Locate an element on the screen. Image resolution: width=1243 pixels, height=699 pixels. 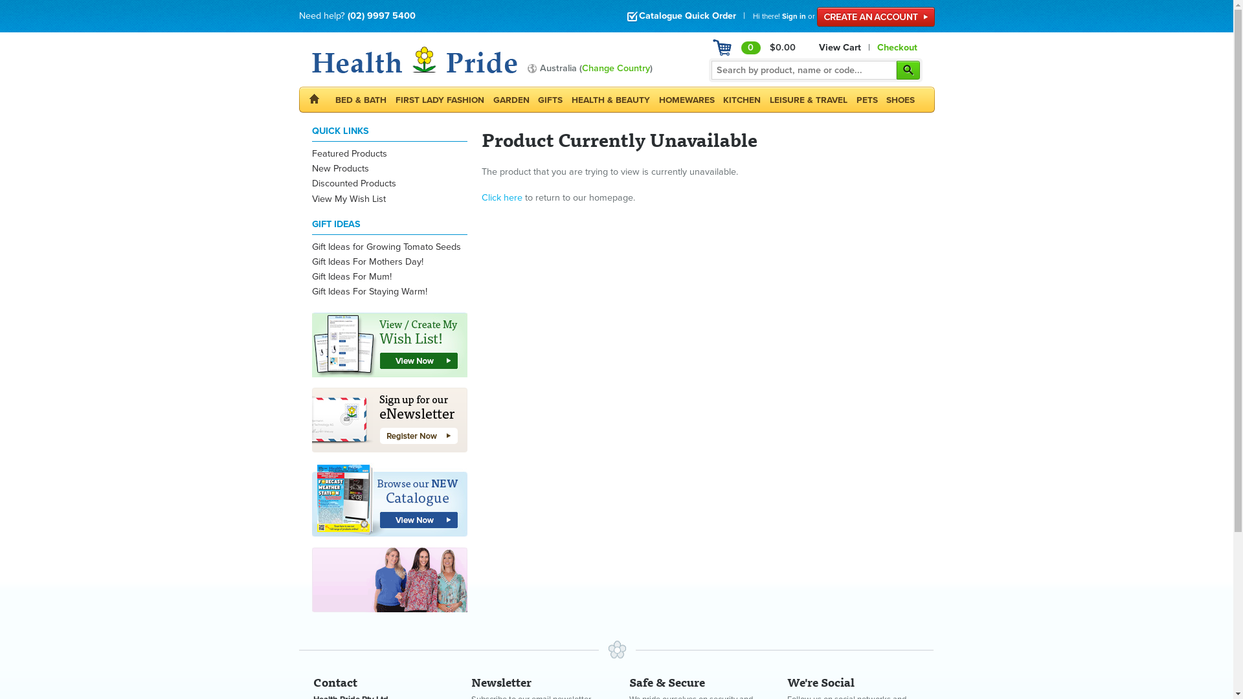
'HEALTH & BEAUTY' is located at coordinates (610, 99).